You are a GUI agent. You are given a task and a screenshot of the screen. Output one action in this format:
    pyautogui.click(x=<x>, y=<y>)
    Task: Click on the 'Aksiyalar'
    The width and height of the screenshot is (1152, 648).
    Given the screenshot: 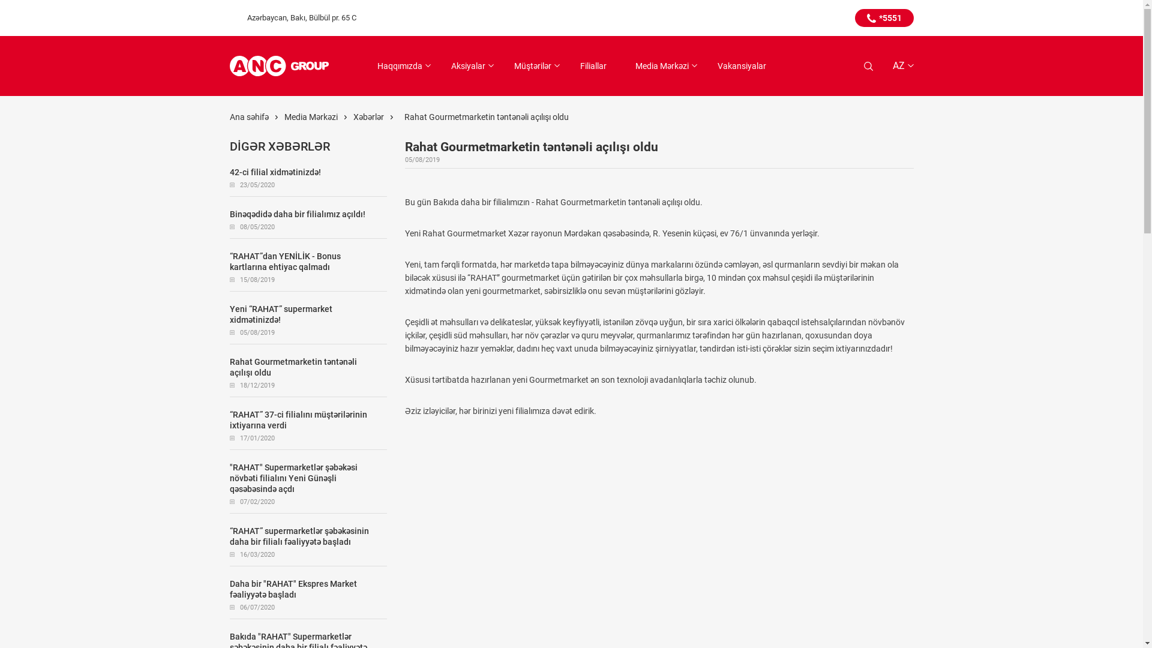 What is the action you would take?
    pyautogui.click(x=467, y=66)
    